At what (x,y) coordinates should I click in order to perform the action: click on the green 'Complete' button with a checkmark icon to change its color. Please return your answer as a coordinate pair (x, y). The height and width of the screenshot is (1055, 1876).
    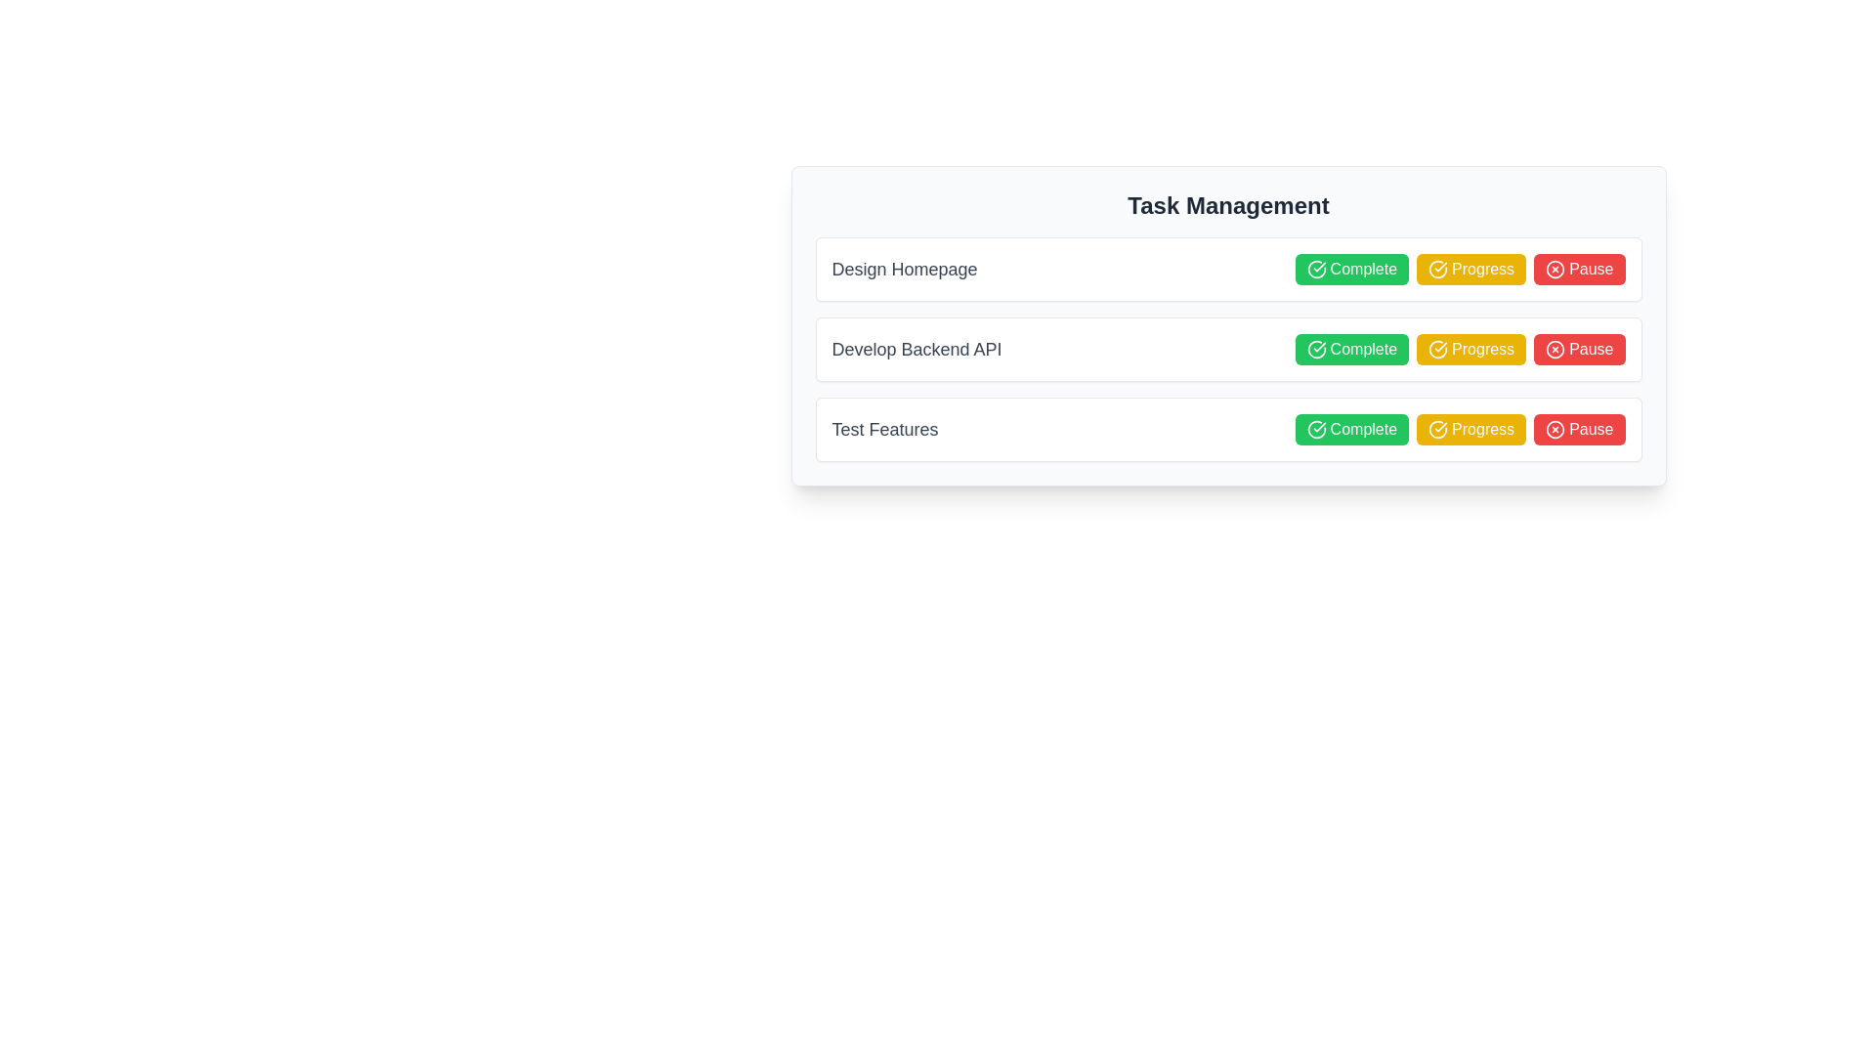
    Looking at the image, I should click on (1350, 349).